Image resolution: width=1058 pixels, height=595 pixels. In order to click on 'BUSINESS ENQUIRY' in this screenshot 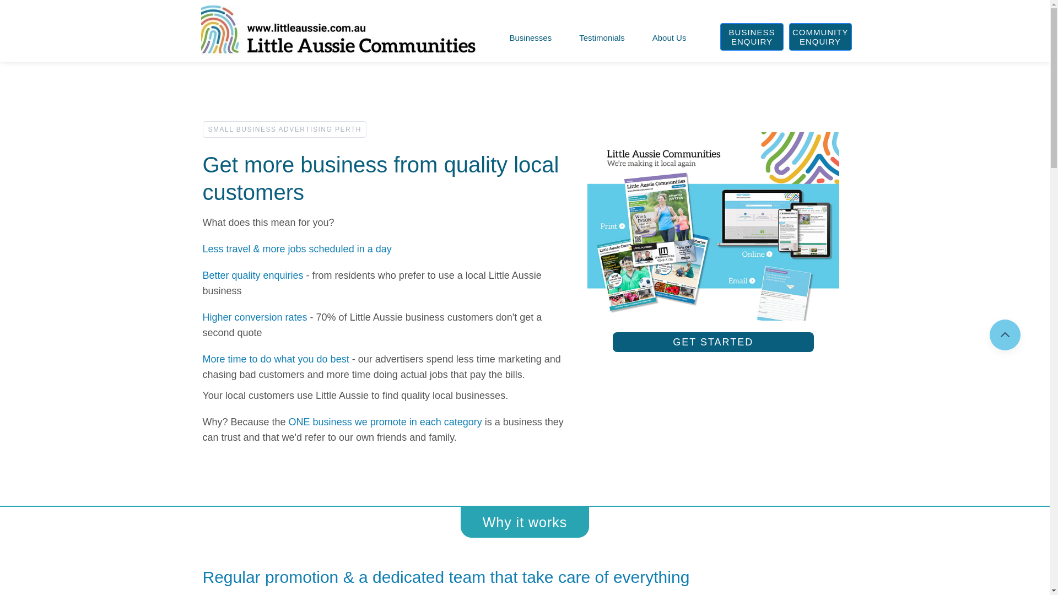, I will do `click(751, 36)`.